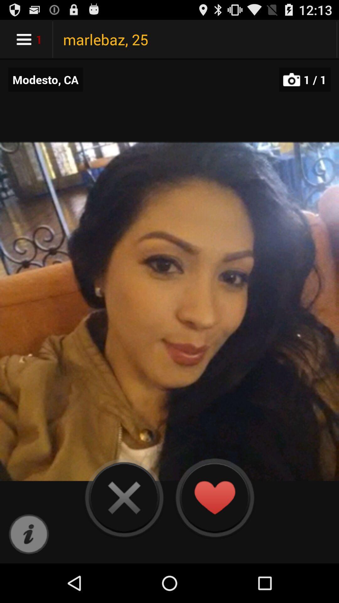 The image size is (339, 603). I want to click on like the photo, so click(214, 497).